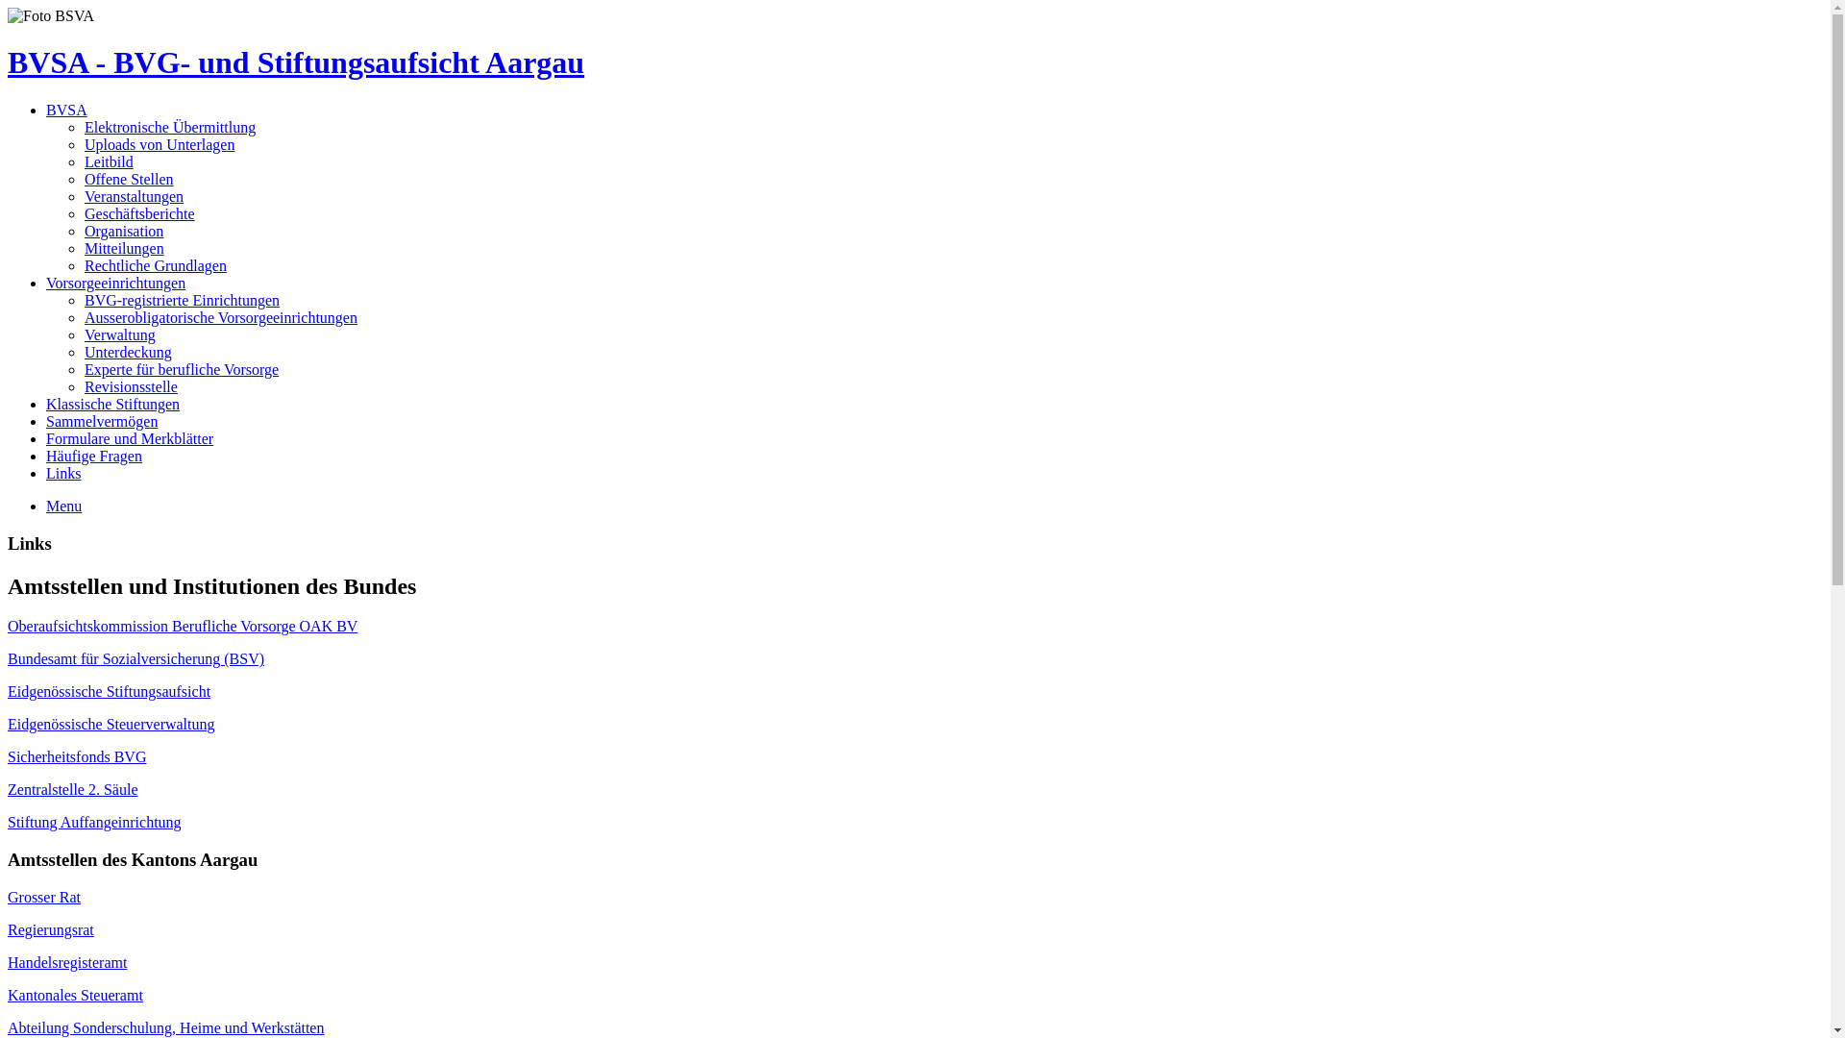 The width and height of the screenshot is (1845, 1038). Describe the element at coordinates (130, 386) in the screenshot. I see `'Revisionsstelle'` at that location.